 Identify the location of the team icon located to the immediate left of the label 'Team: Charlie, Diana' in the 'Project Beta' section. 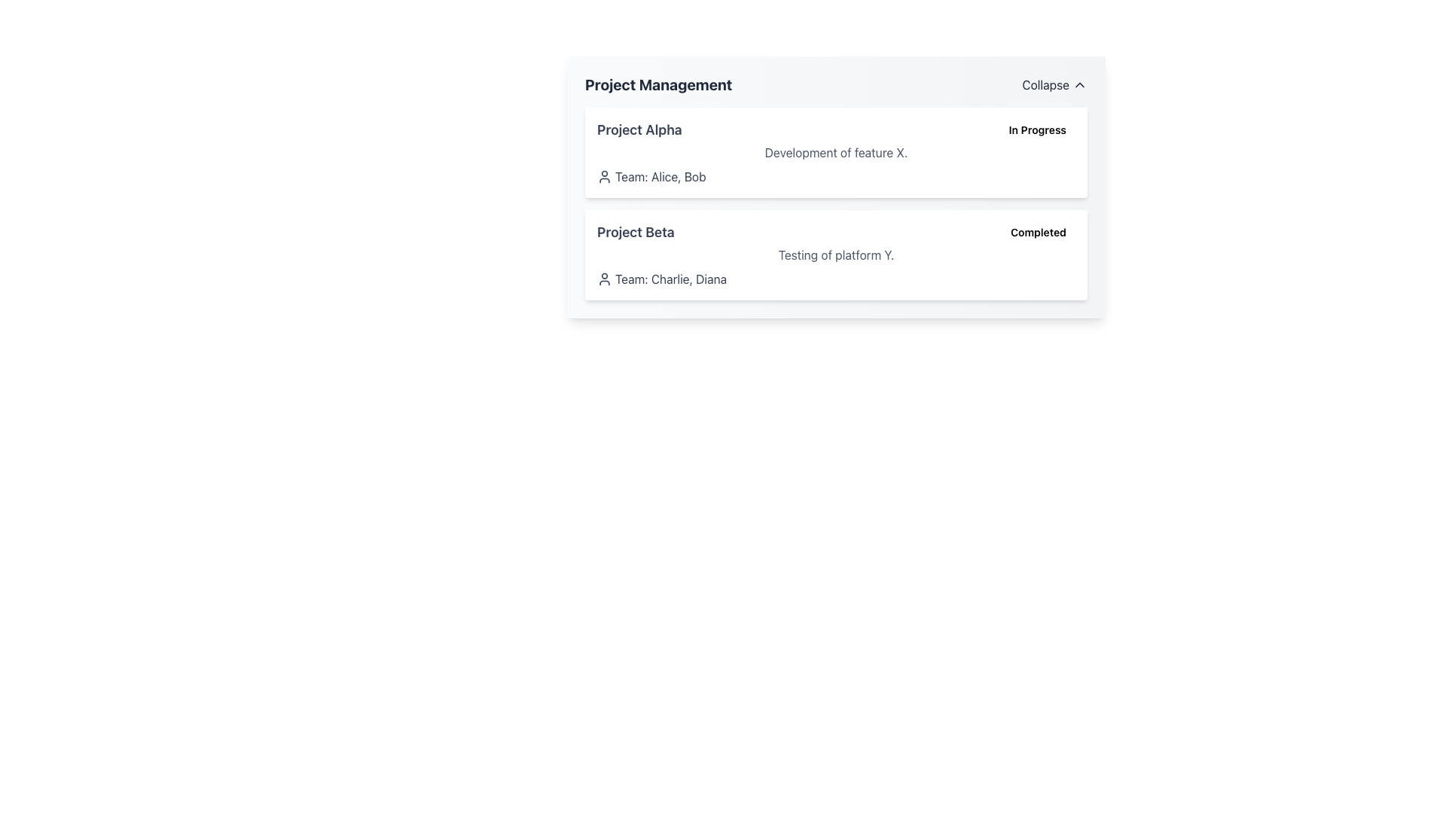
(604, 279).